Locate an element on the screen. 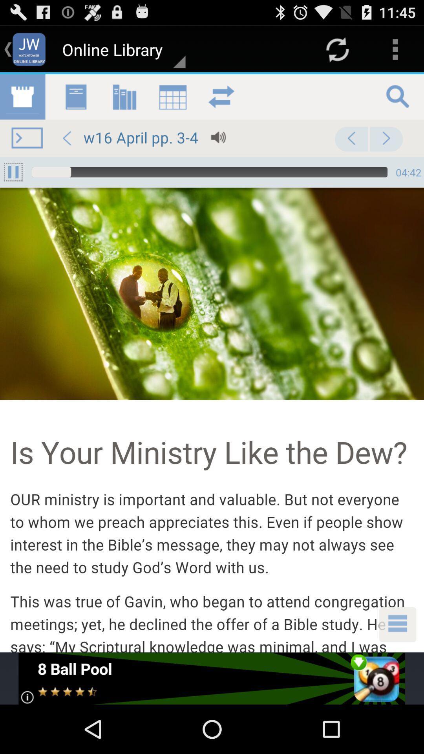 The image size is (424, 754). download 8 ball pool is located at coordinates (211, 678).